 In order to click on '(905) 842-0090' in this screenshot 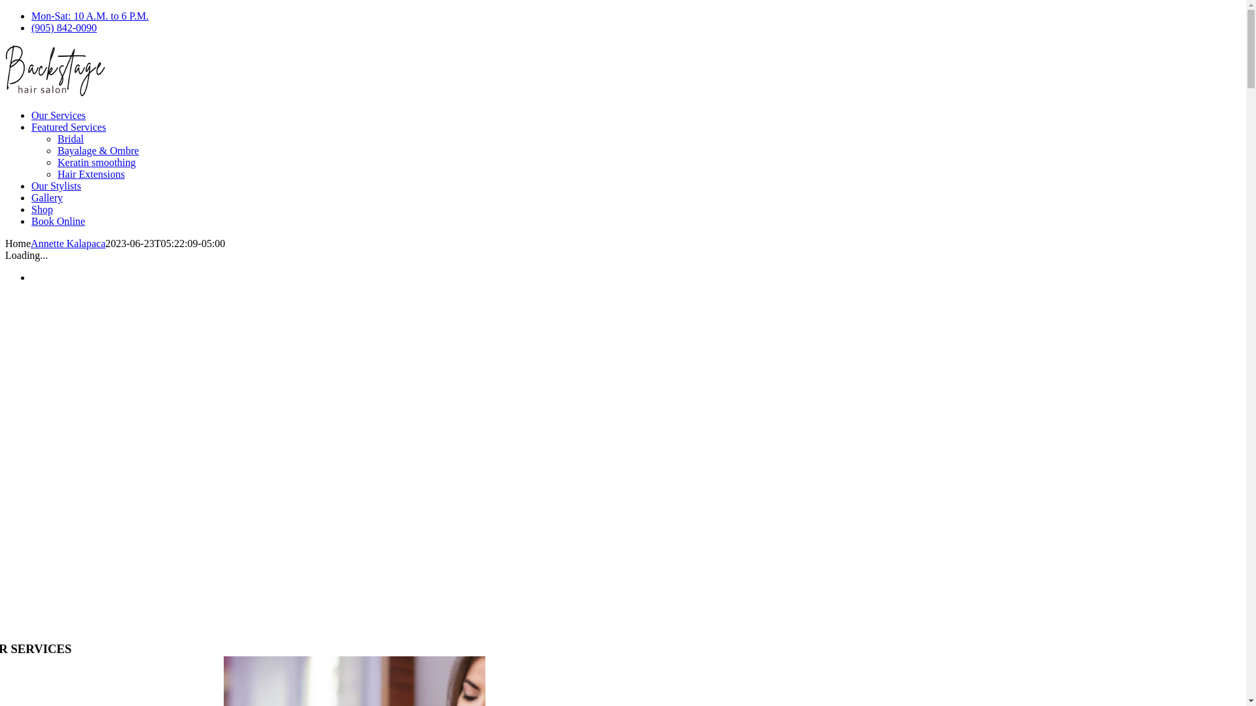, I will do `click(63, 27)`.